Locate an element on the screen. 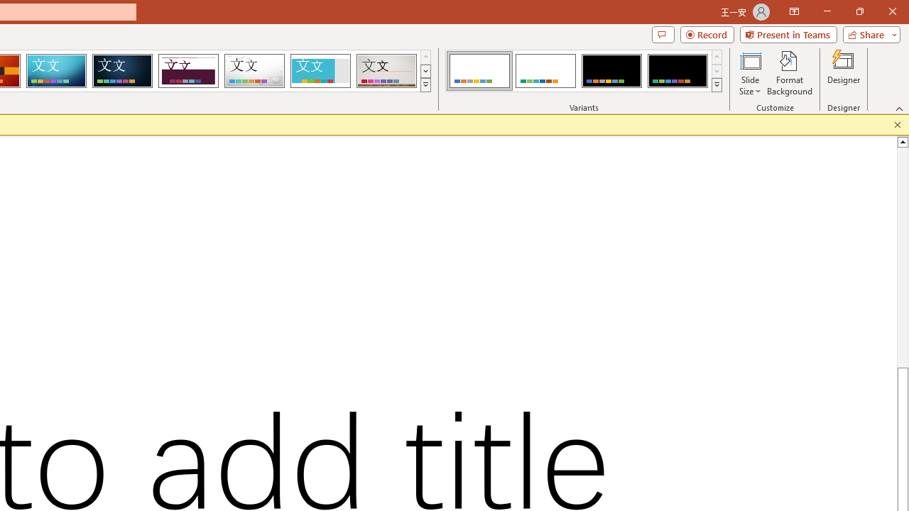 This screenshot has height=511, width=909. 'Gallery' is located at coordinates (386, 71).